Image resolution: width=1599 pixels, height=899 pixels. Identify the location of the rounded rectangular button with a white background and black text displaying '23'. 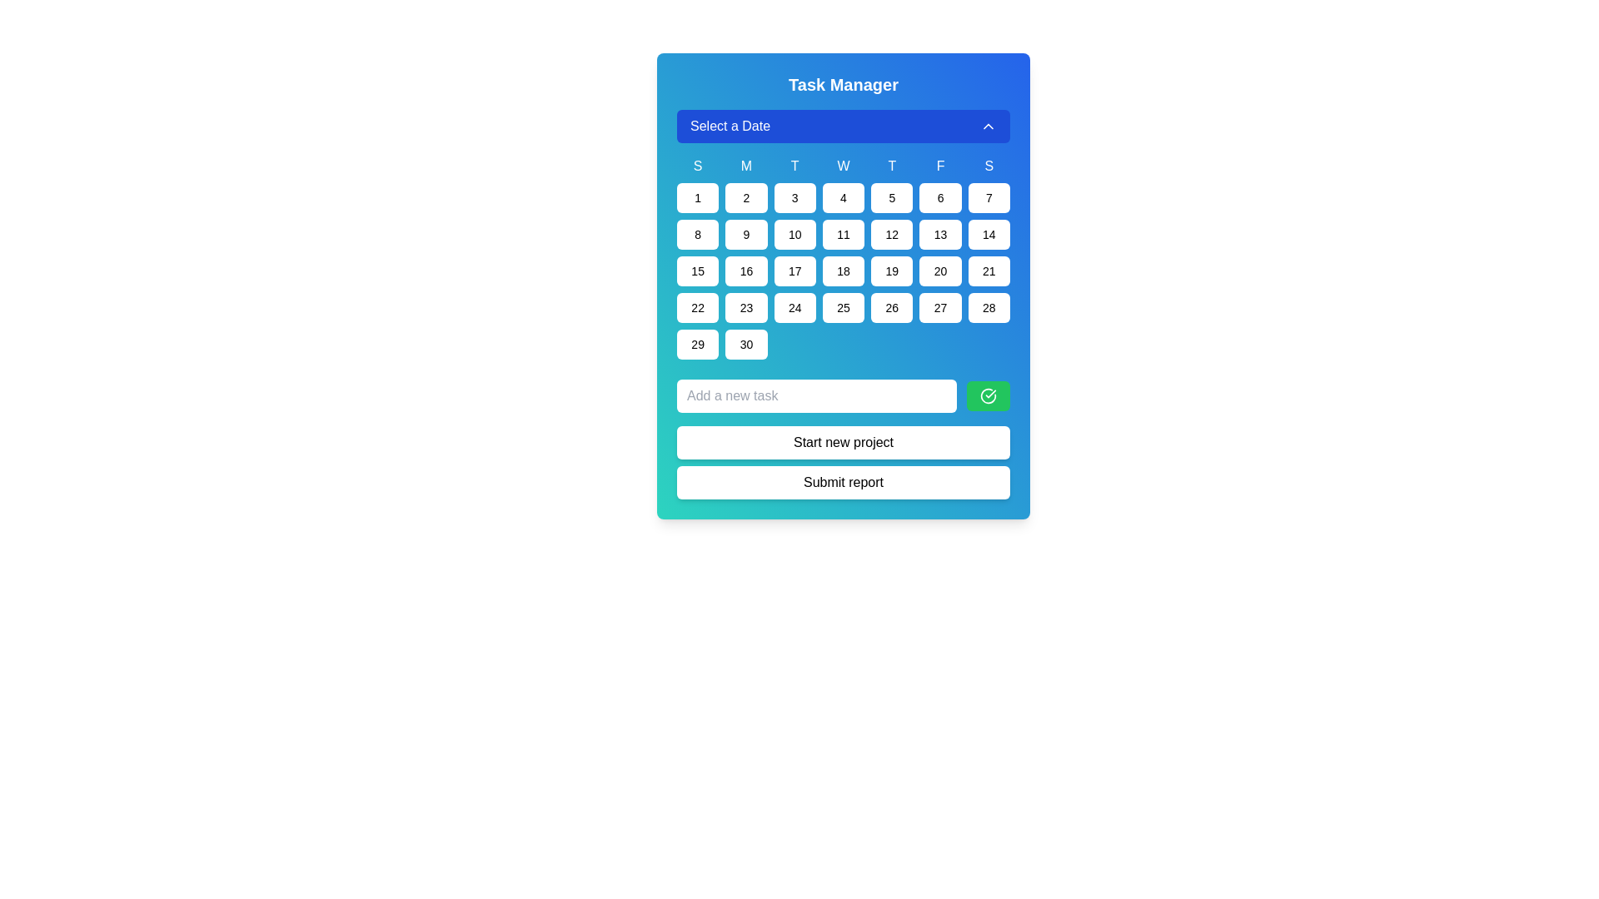
(745, 308).